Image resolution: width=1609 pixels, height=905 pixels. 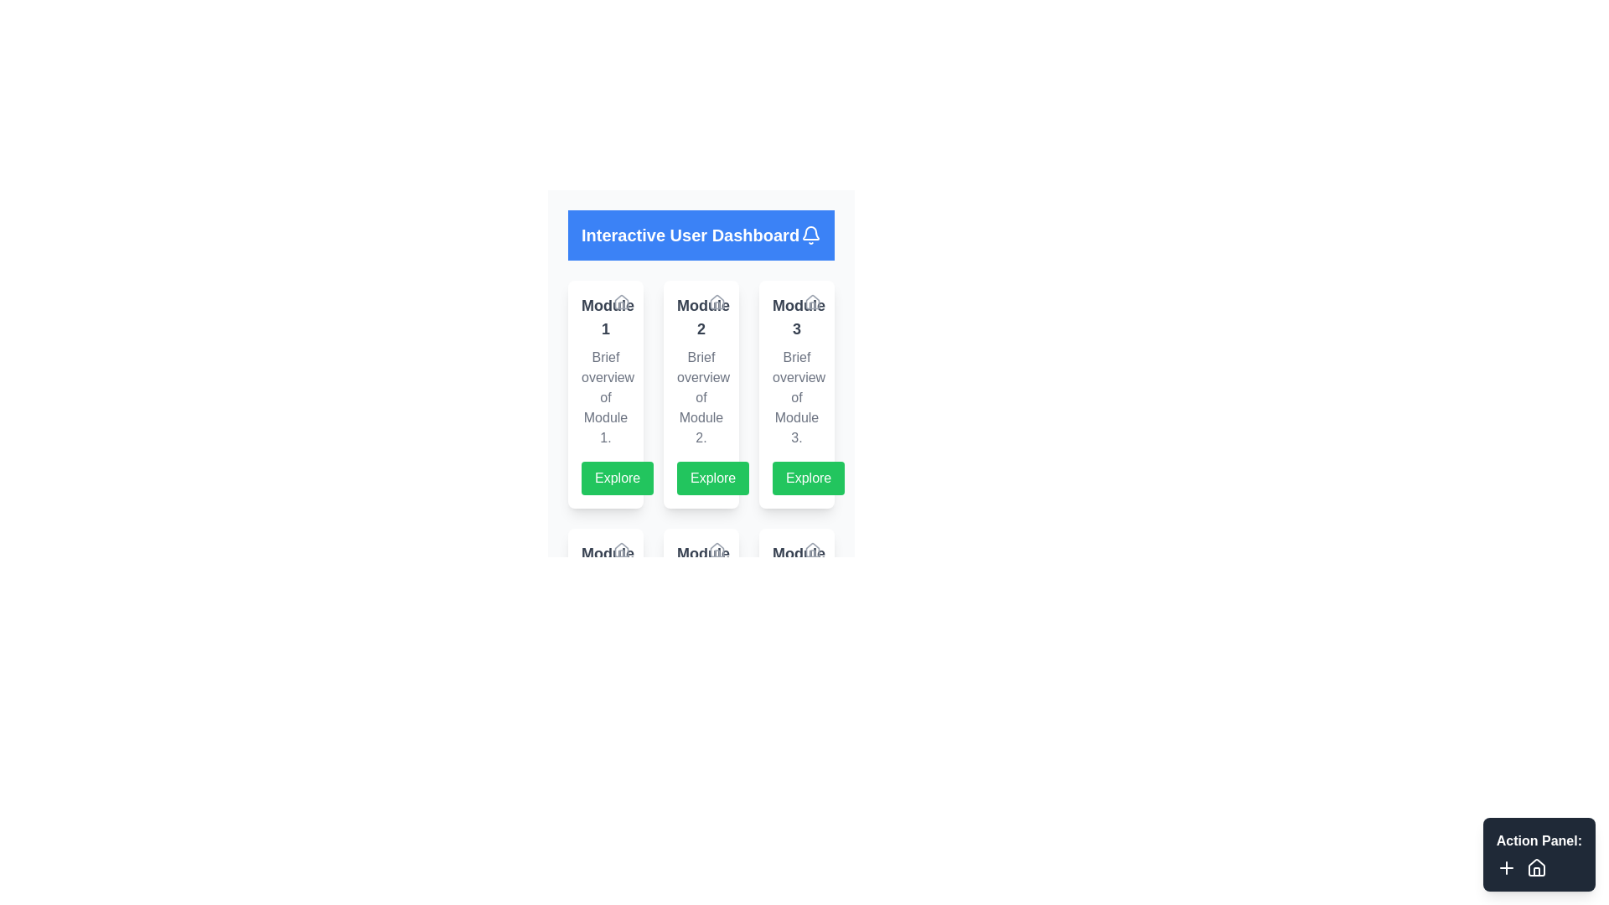 What do you see at coordinates (795, 394) in the screenshot?
I see `the Interactive card for Module 3 in the dashboard, located in the third column of the grid layout under 'Interactive User Dashboard'` at bounding box center [795, 394].